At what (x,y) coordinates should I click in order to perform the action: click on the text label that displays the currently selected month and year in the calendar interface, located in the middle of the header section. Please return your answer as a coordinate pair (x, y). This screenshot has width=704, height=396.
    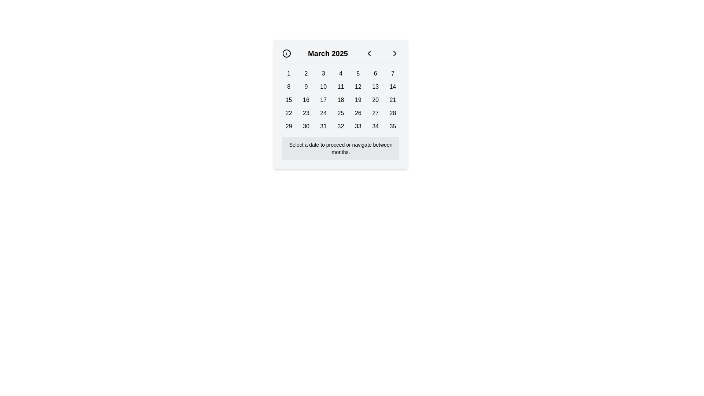
    Looking at the image, I should click on (327, 53).